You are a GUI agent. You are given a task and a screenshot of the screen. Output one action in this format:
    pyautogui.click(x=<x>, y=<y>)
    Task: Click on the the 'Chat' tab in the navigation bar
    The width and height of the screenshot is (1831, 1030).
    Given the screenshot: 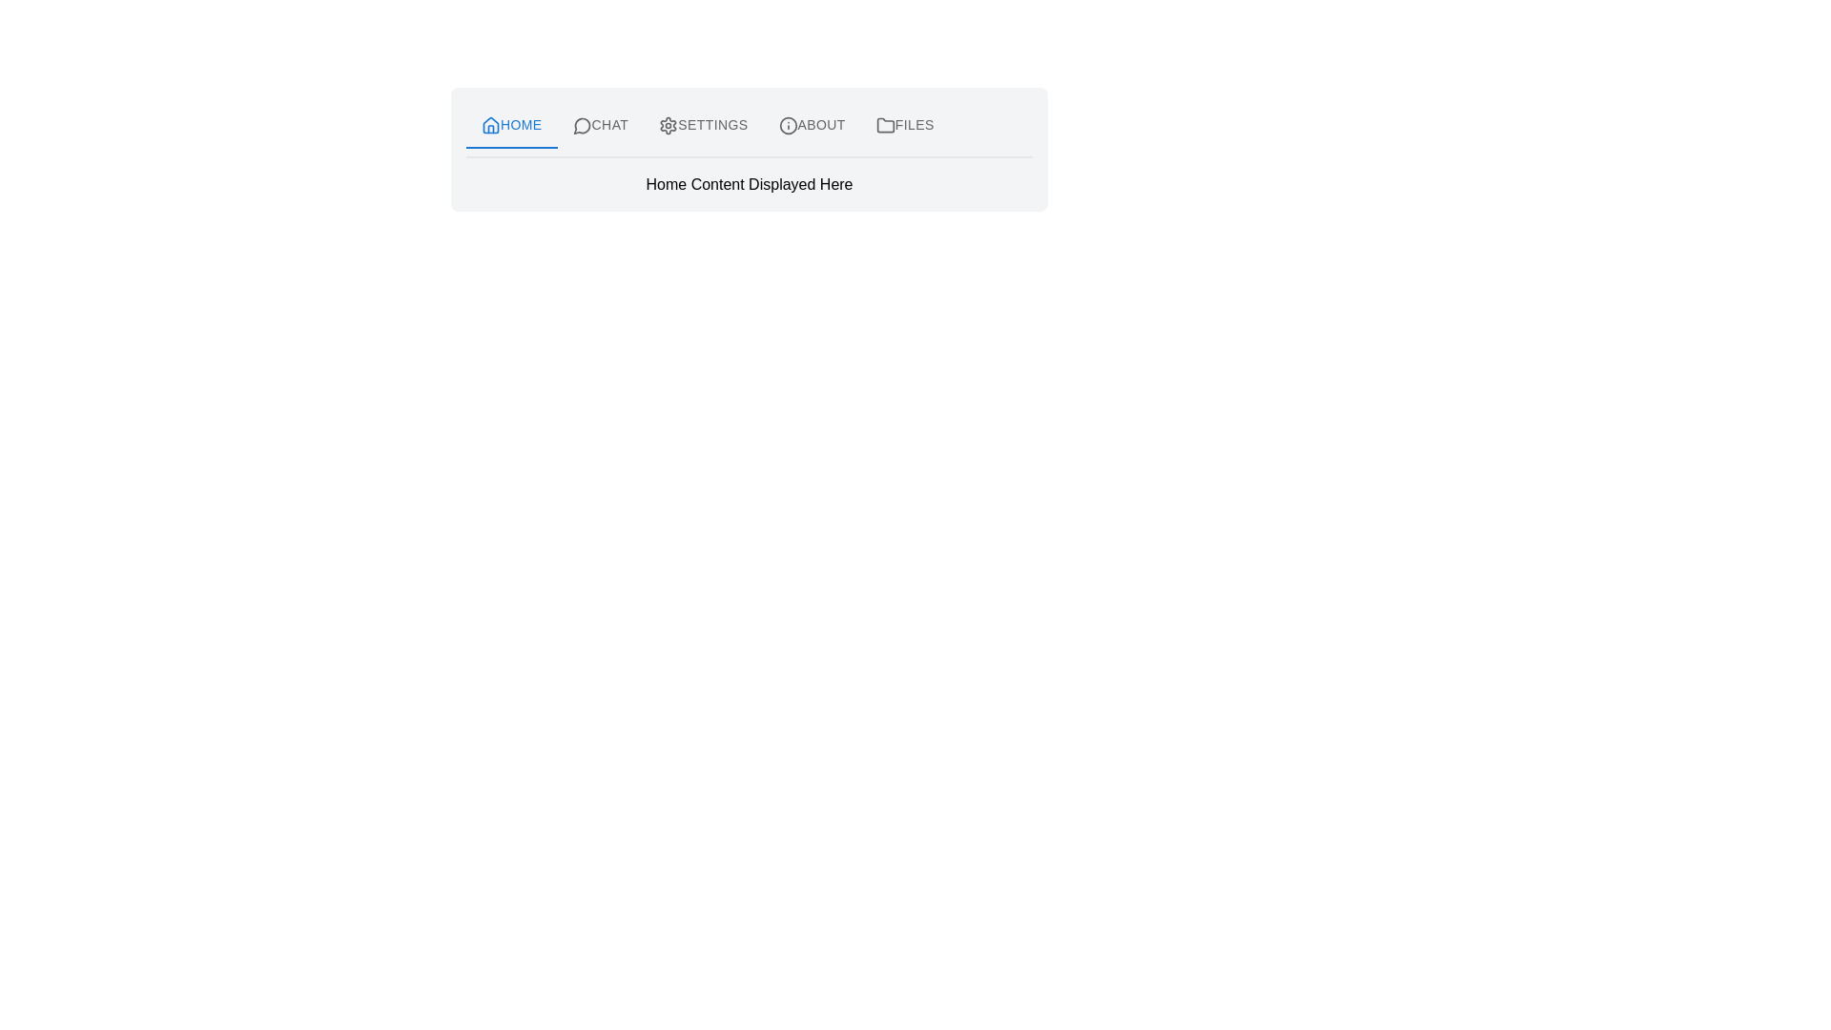 What is the action you would take?
    pyautogui.click(x=599, y=125)
    